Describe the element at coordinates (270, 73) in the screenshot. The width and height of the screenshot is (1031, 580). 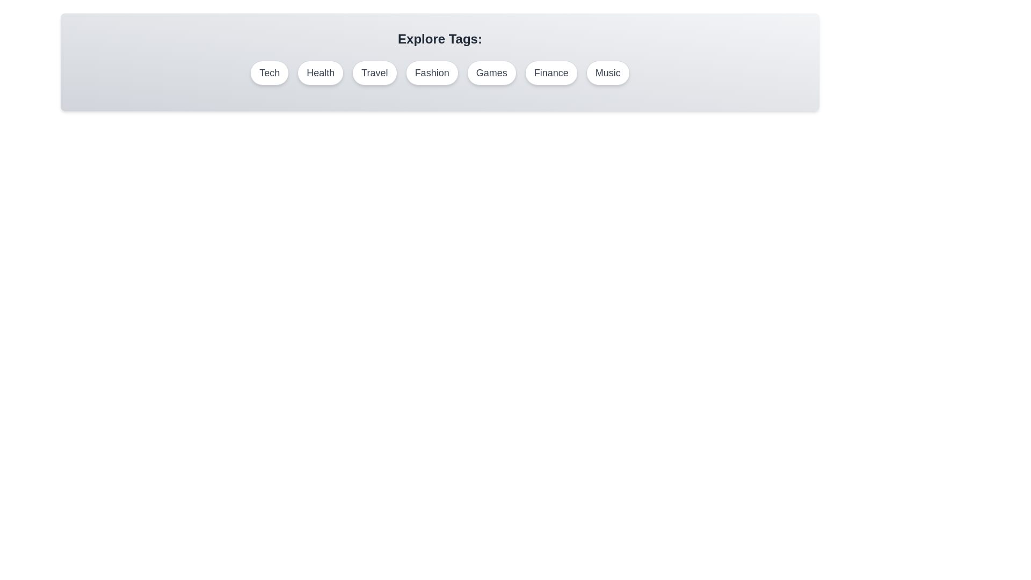
I see `the tag labeled Tech to deselect it` at that location.